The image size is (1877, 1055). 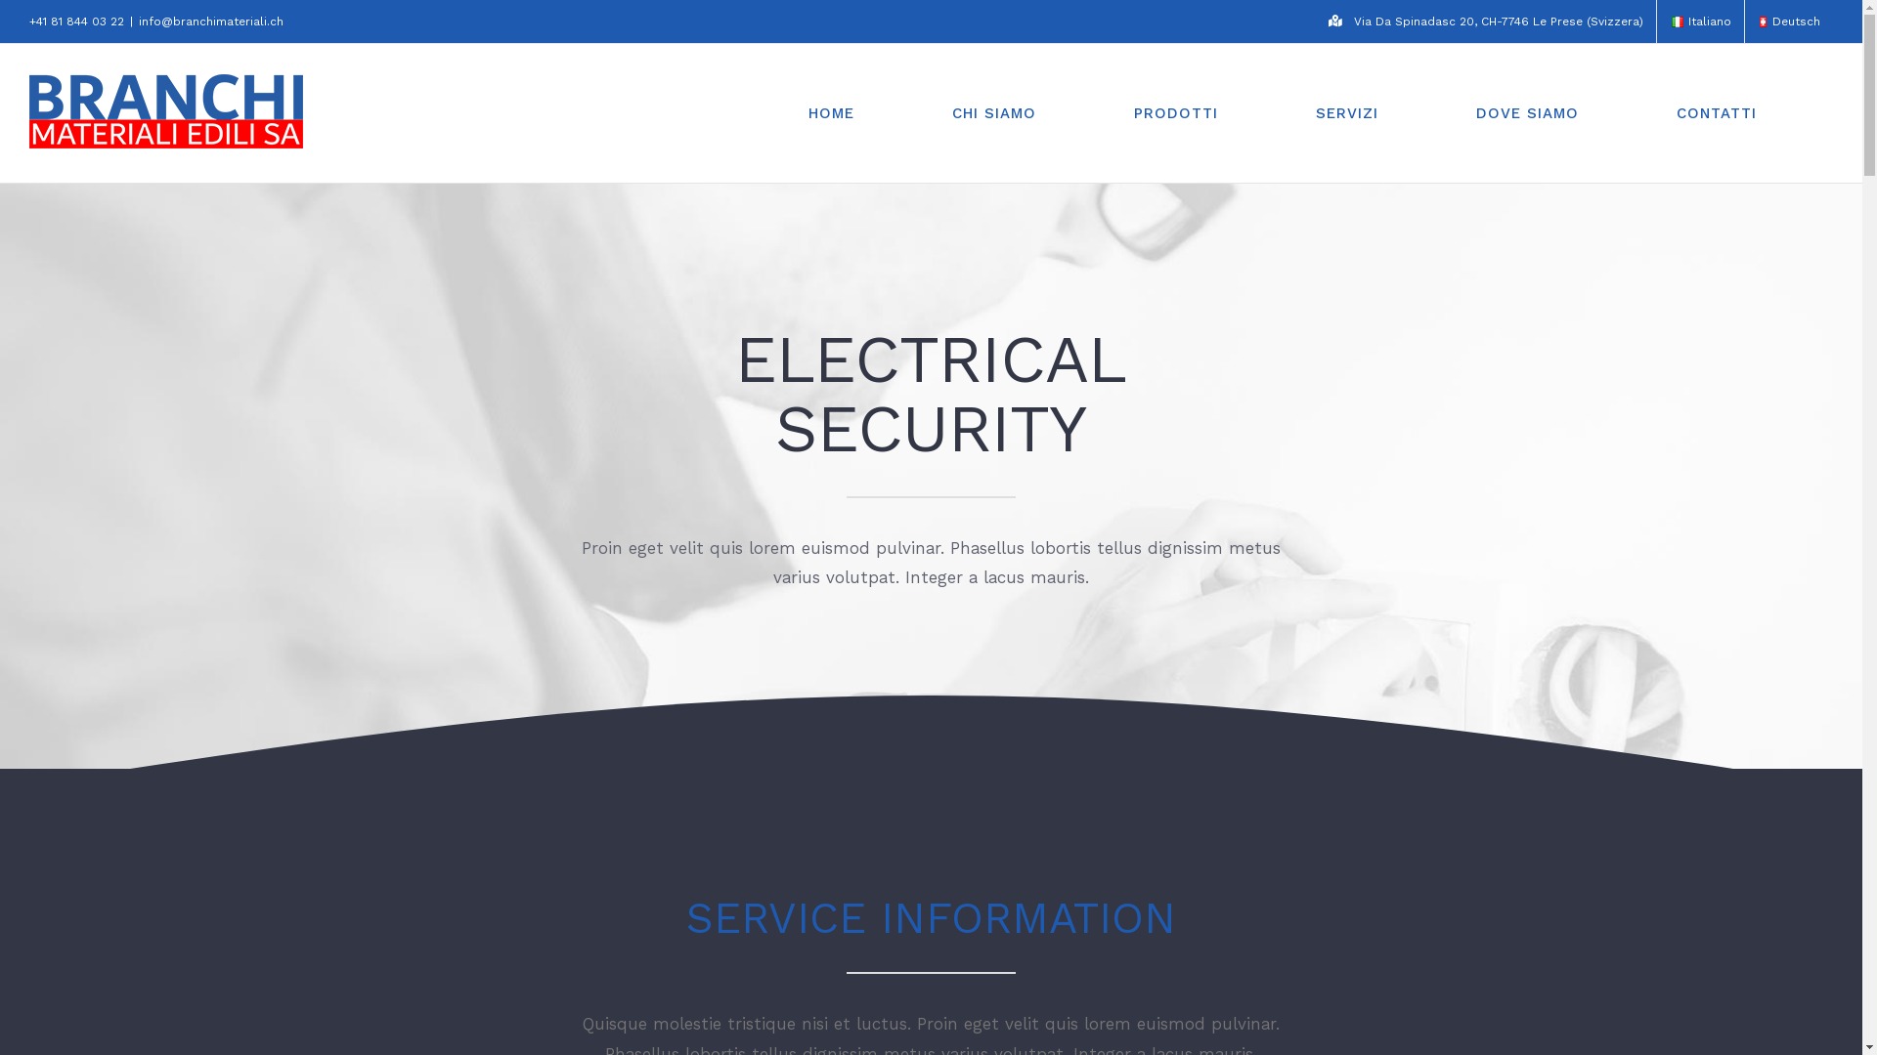 I want to click on 'Deutsch', so click(x=1788, y=21).